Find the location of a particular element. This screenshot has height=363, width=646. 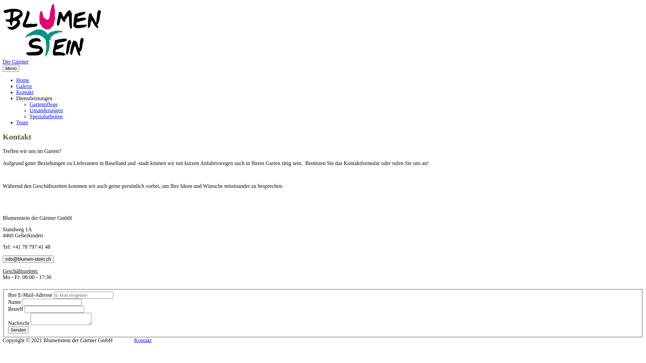

'Senden' is located at coordinates (18, 329).